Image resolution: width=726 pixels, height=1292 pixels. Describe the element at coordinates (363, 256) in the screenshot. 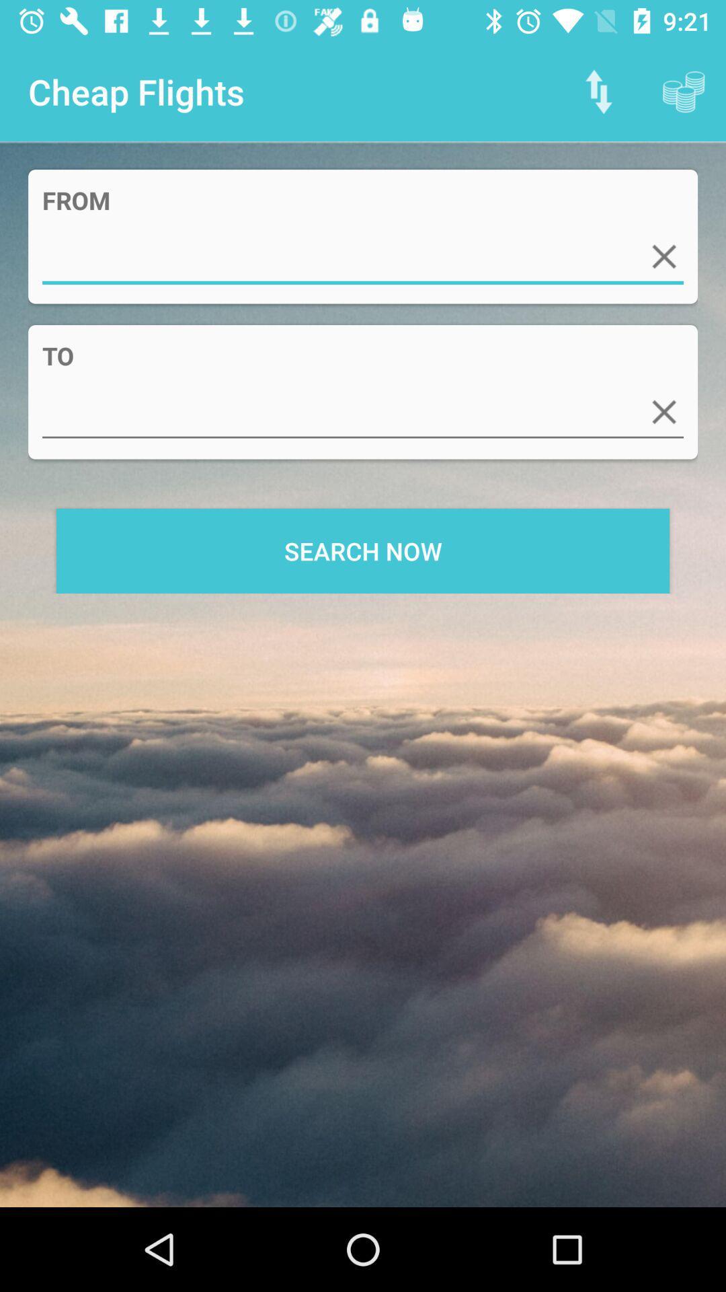

I see `name button` at that location.